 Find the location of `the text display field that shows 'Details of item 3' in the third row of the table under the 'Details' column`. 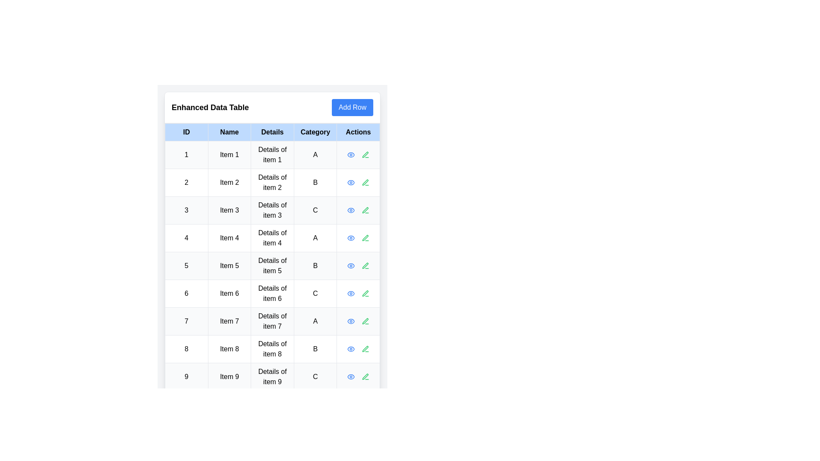

the text display field that shows 'Details of item 3' in the third row of the table under the 'Details' column is located at coordinates (272, 210).